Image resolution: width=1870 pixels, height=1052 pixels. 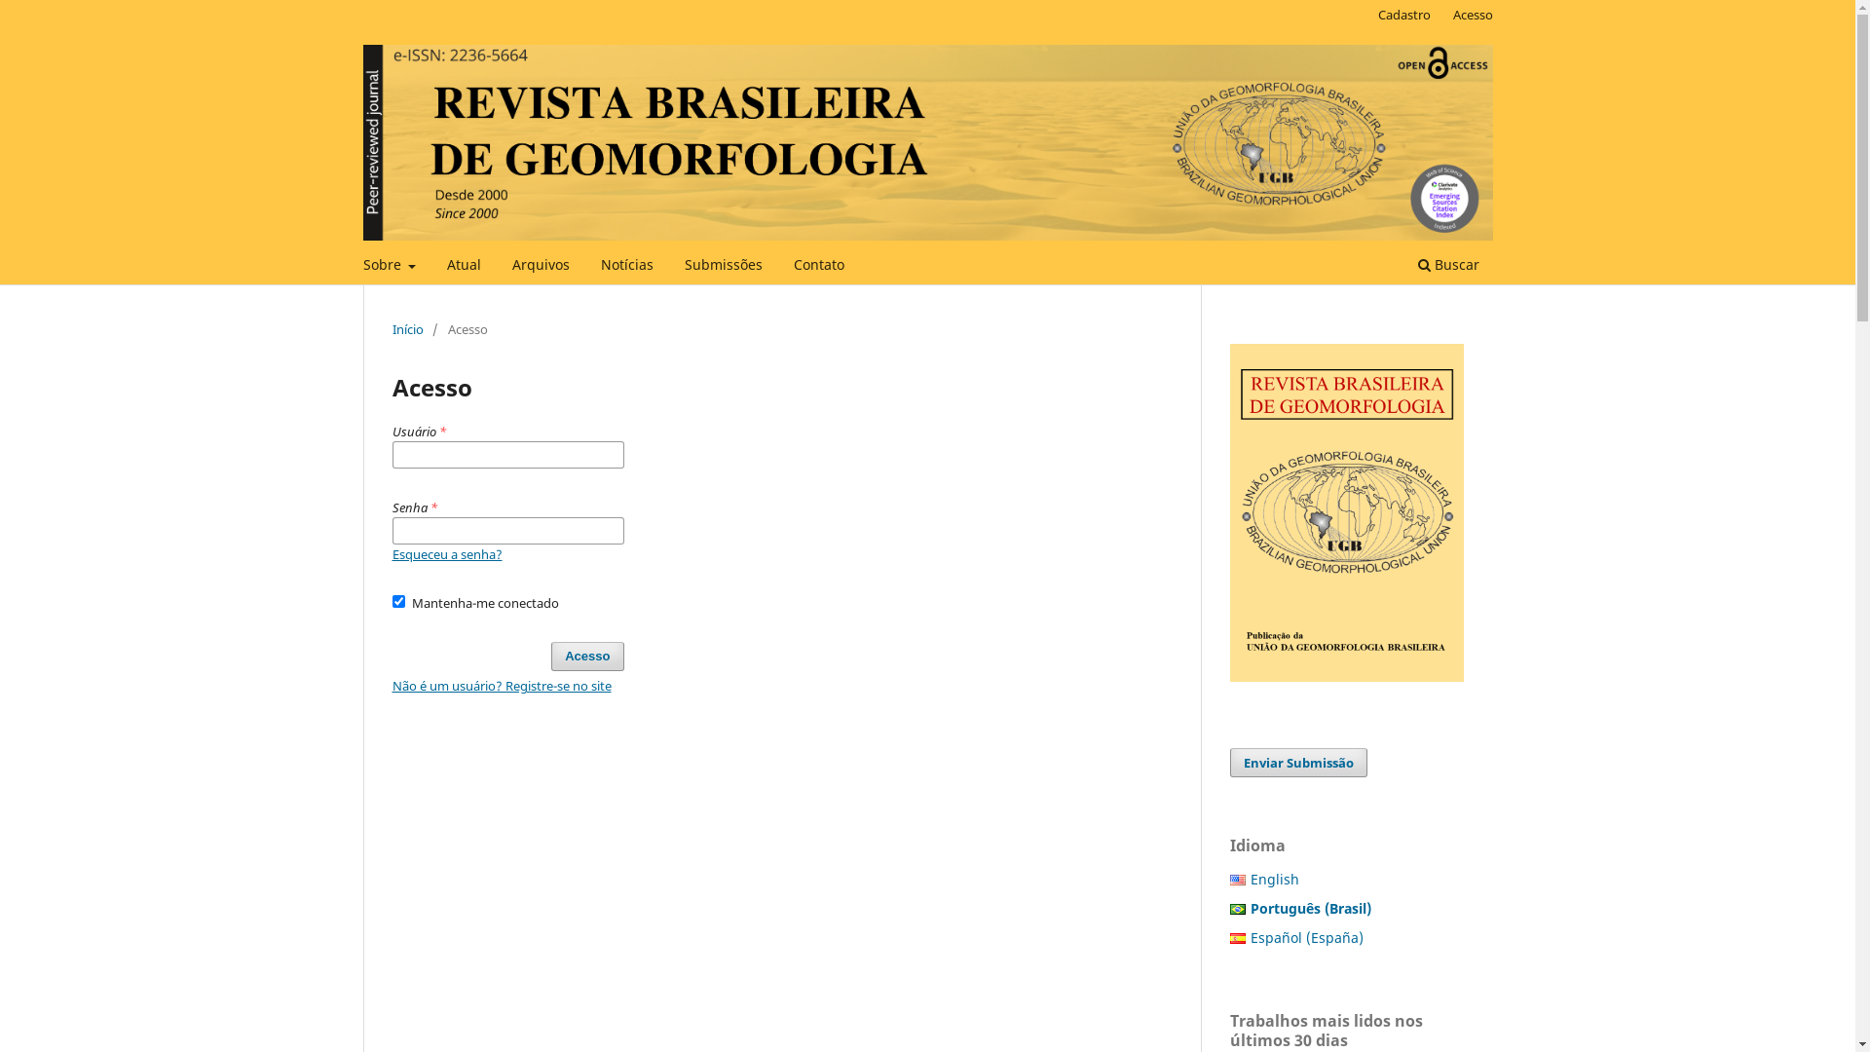 What do you see at coordinates (438, 267) in the screenshot?
I see `'Atual'` at bounding box center [438, 267].